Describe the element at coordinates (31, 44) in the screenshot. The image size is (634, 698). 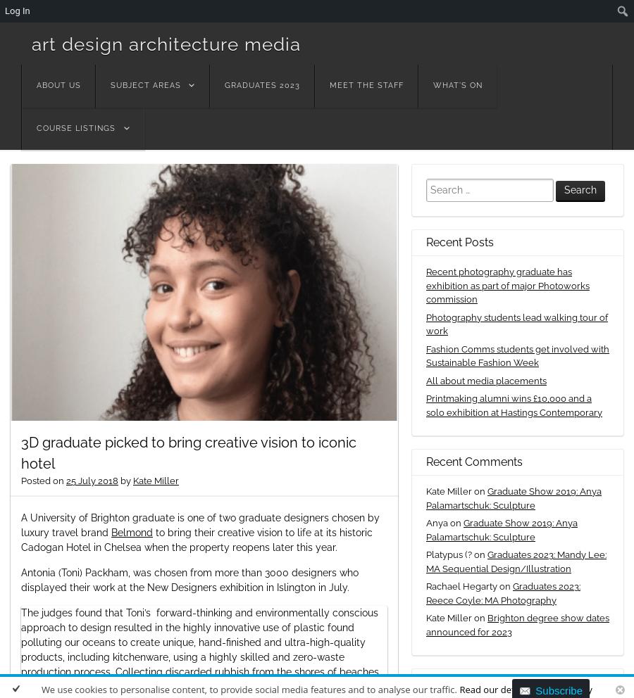
I see `'art design architecture media'` at that location.